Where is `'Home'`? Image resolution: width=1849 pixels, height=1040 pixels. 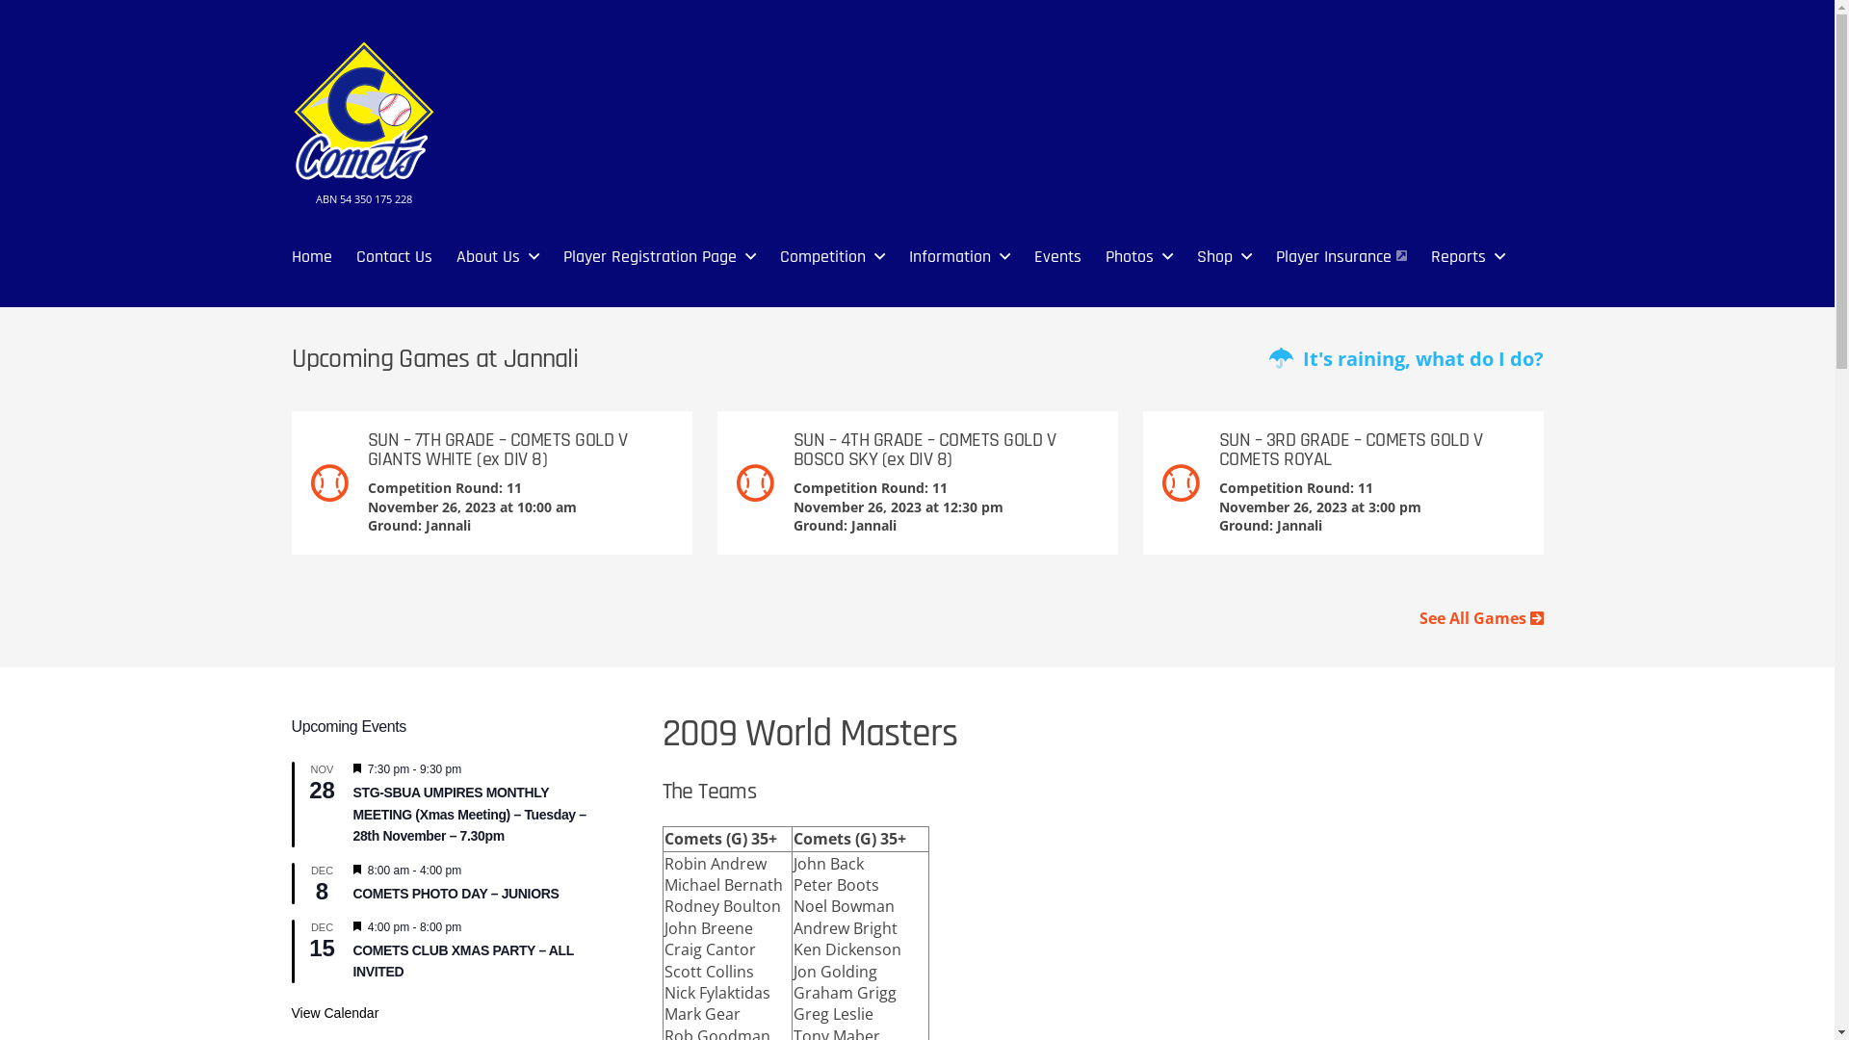
'Home' is located at coordinates (290, 255).